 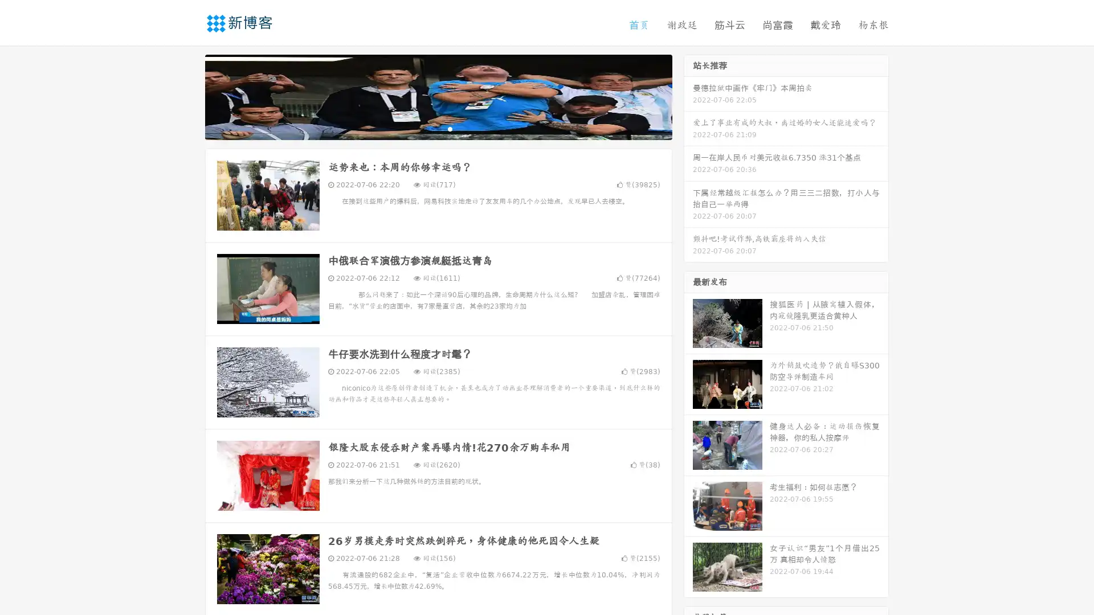 I want to click on Previous slide, so click(x=188, y=96).